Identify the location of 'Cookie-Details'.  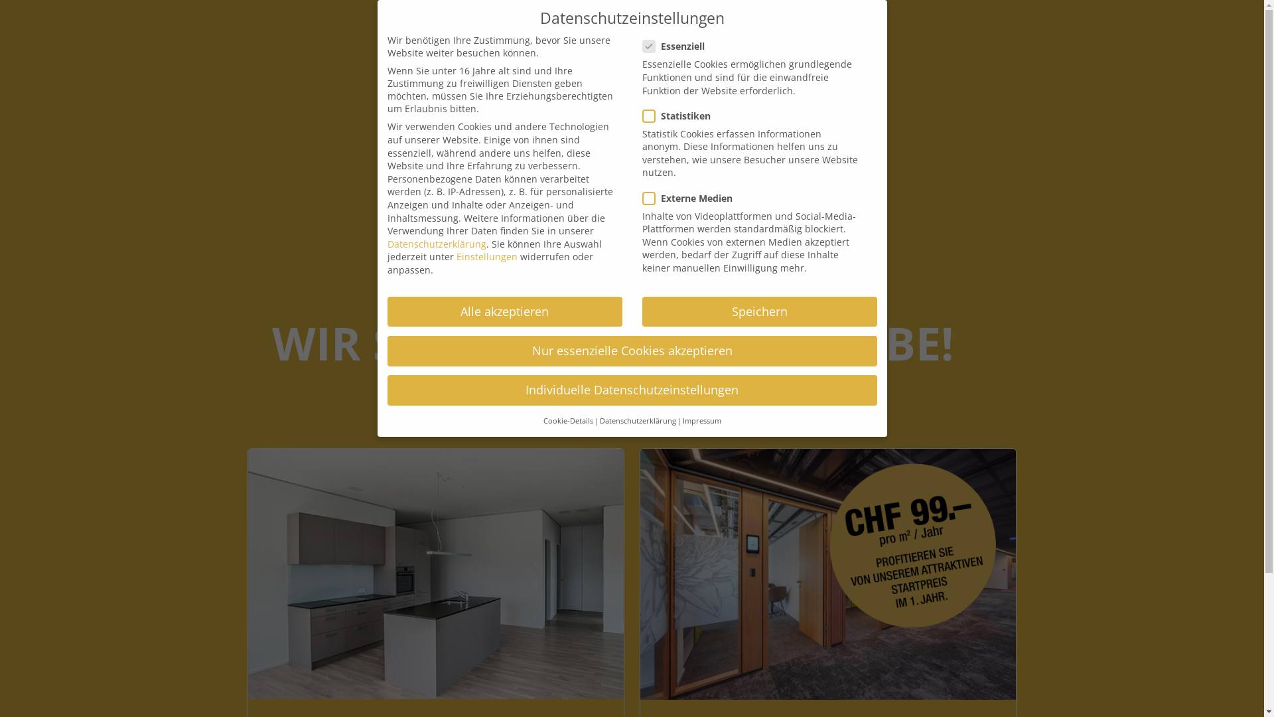
(542, 420).